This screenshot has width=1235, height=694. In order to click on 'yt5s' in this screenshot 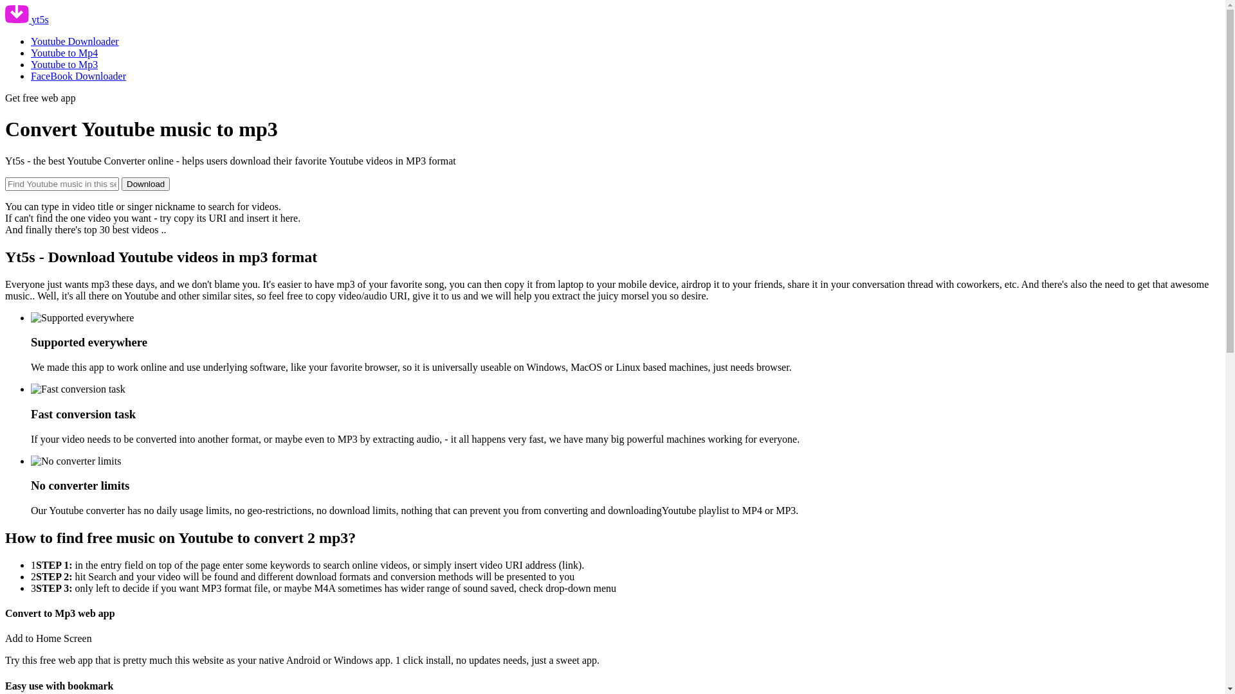, I will do `click(5, 19)`.